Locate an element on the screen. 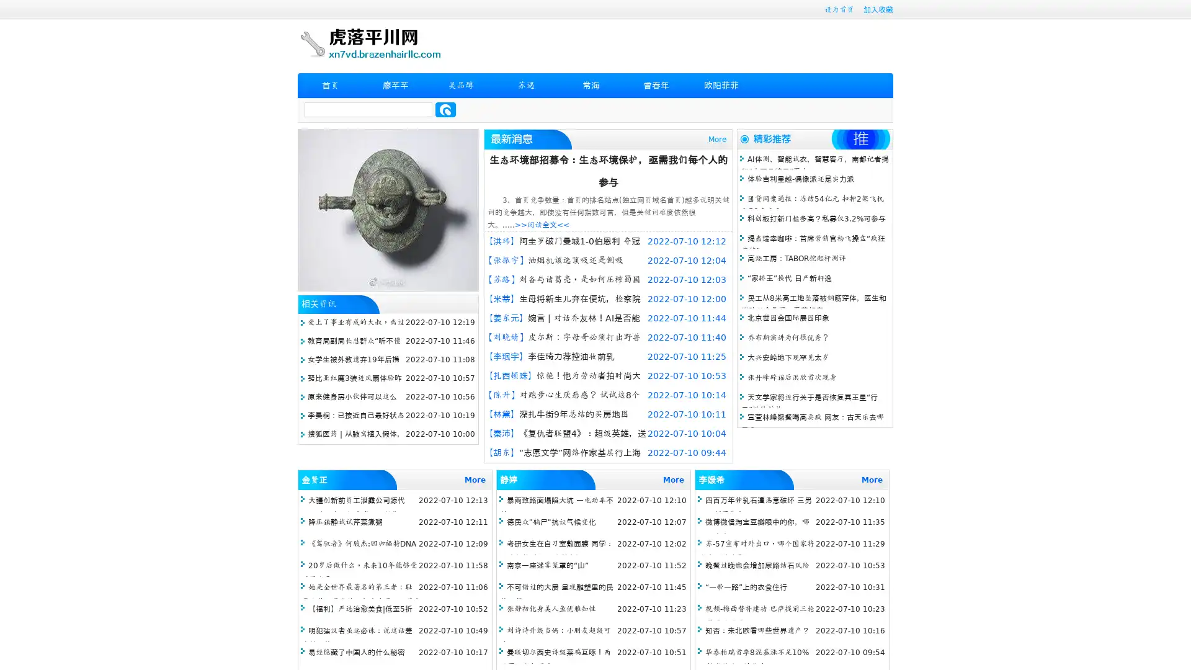  Search is located at coordinates (445, 109).